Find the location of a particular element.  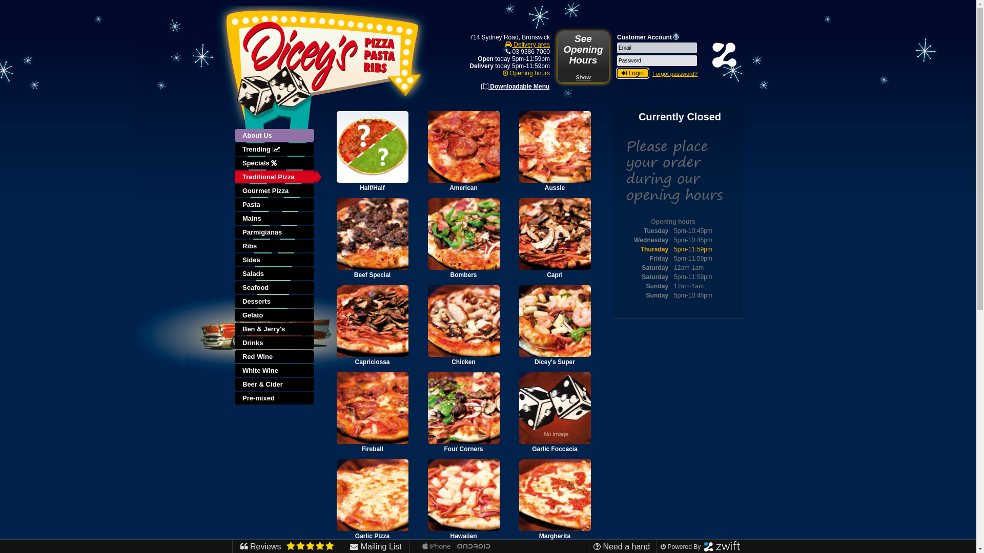

'Parmigianas' is located at coordinates (275, 232).